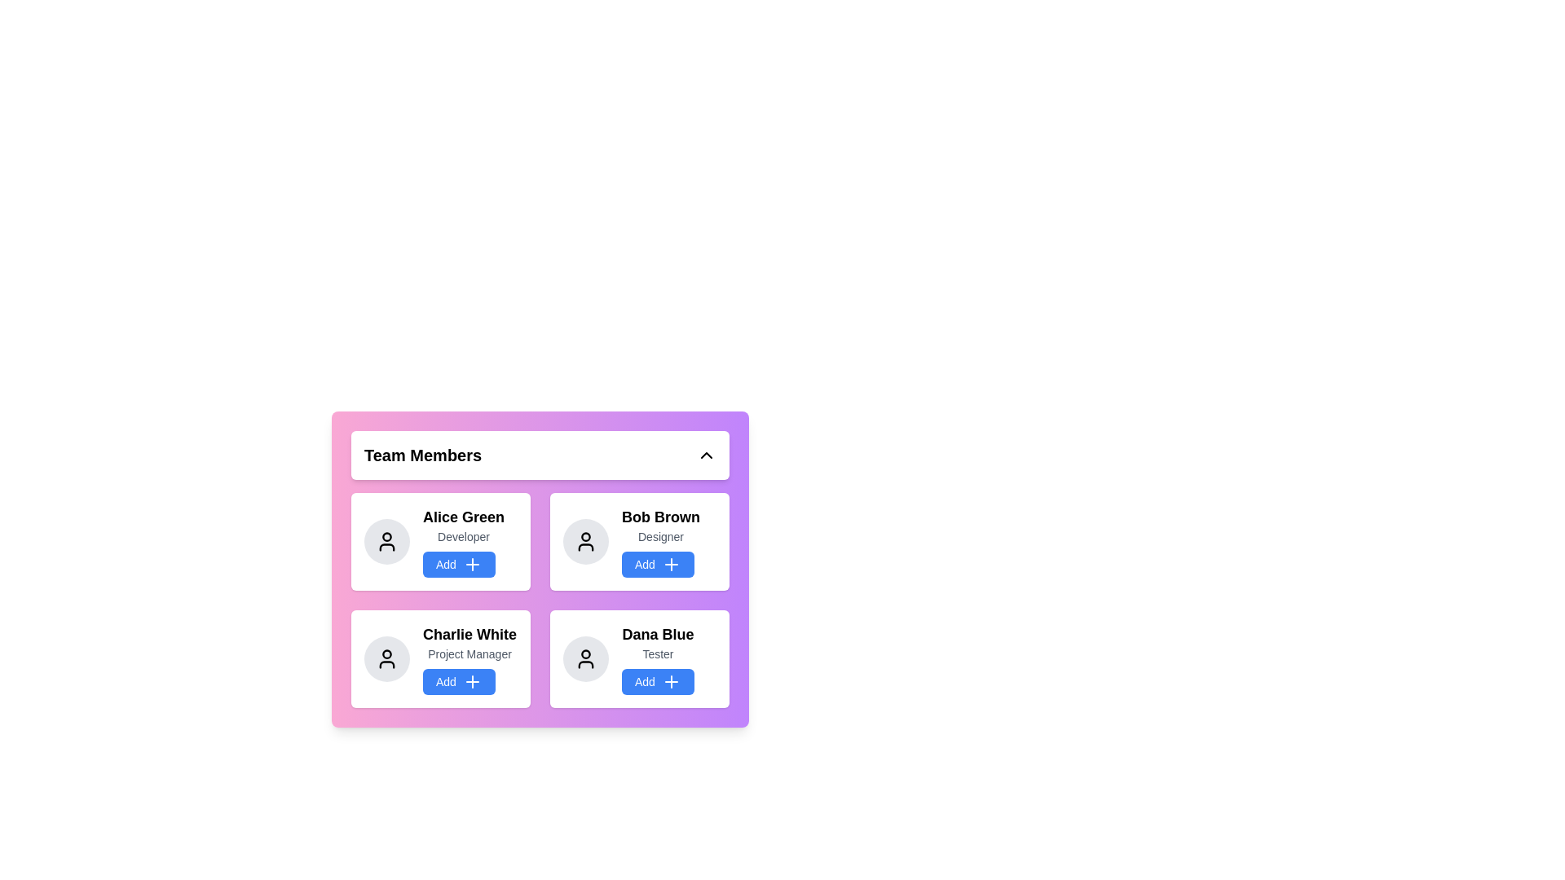 The width and height of the screenshot is (1565, 880). What do you see at coordinates (586, 658) in the screenshot?
I see `the circular icon representing the user silhouette for 'Dana Blue', positioned in the lower-right corner of the grid` at bounding box center [586, 658].